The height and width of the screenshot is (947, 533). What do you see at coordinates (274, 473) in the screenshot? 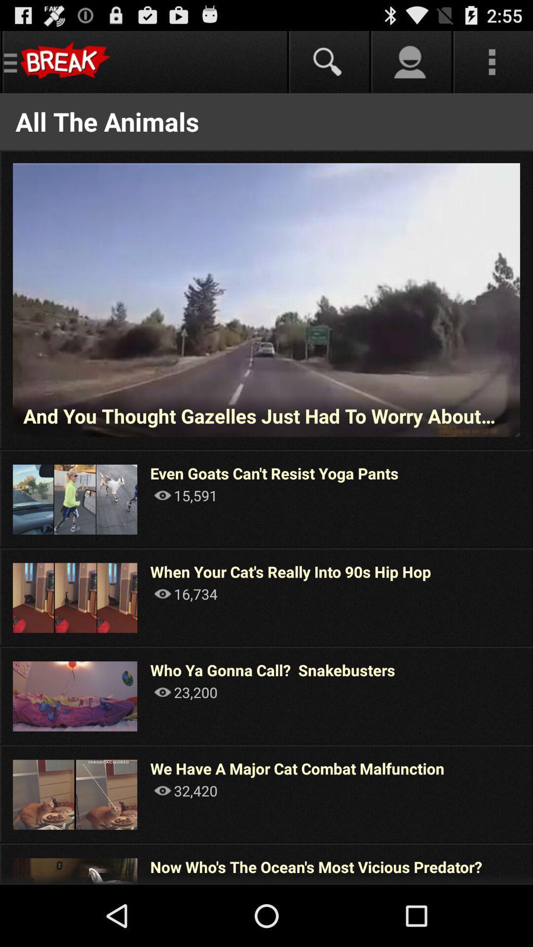
I see `the icon above 15,591 item` at bounding box center [274, 473].